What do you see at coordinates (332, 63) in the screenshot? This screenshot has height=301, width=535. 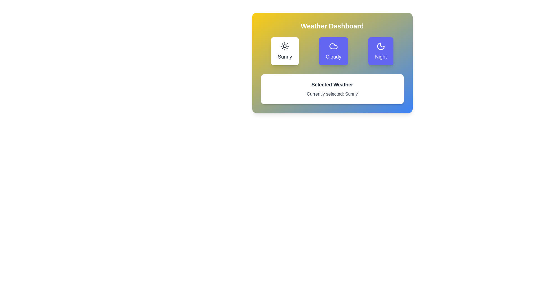 I see `the buttons in the interactive weather dashboard to trigger visual feedback` at bounding box center [332, 63].